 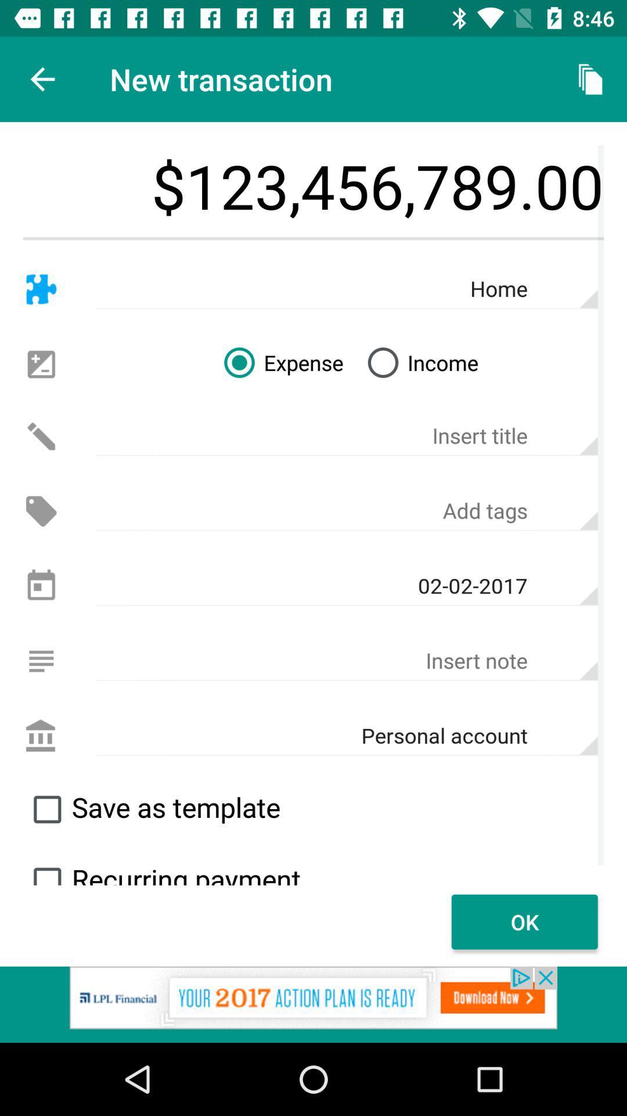 I want to click on adjustment, so click(x=41, y=364).